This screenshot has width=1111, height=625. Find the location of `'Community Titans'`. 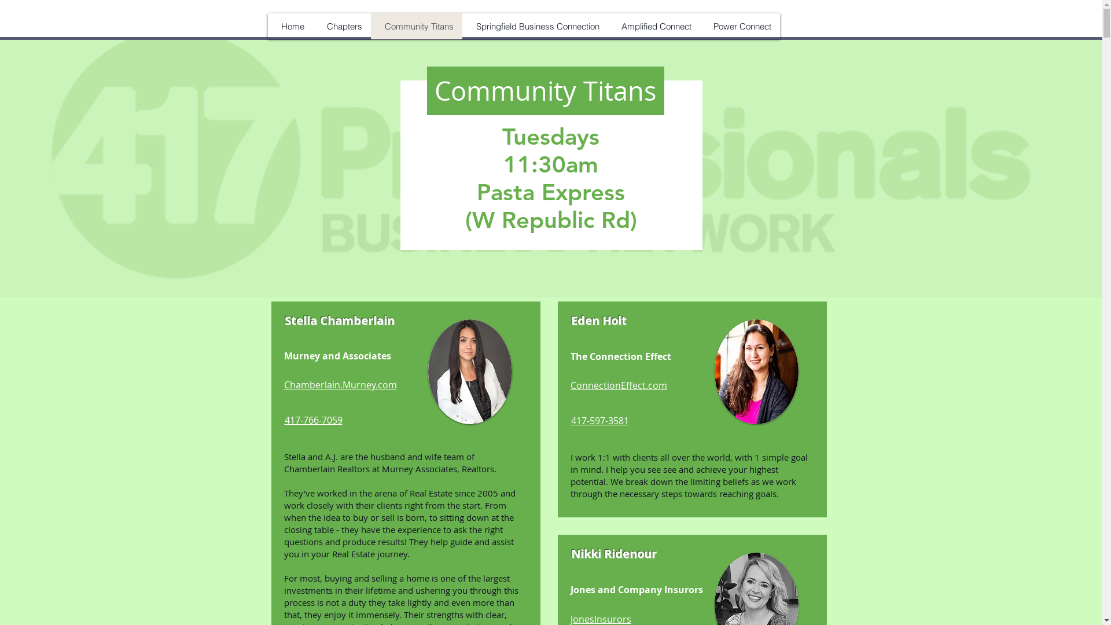

'Community Titans' is located at coordinates (416, 26).